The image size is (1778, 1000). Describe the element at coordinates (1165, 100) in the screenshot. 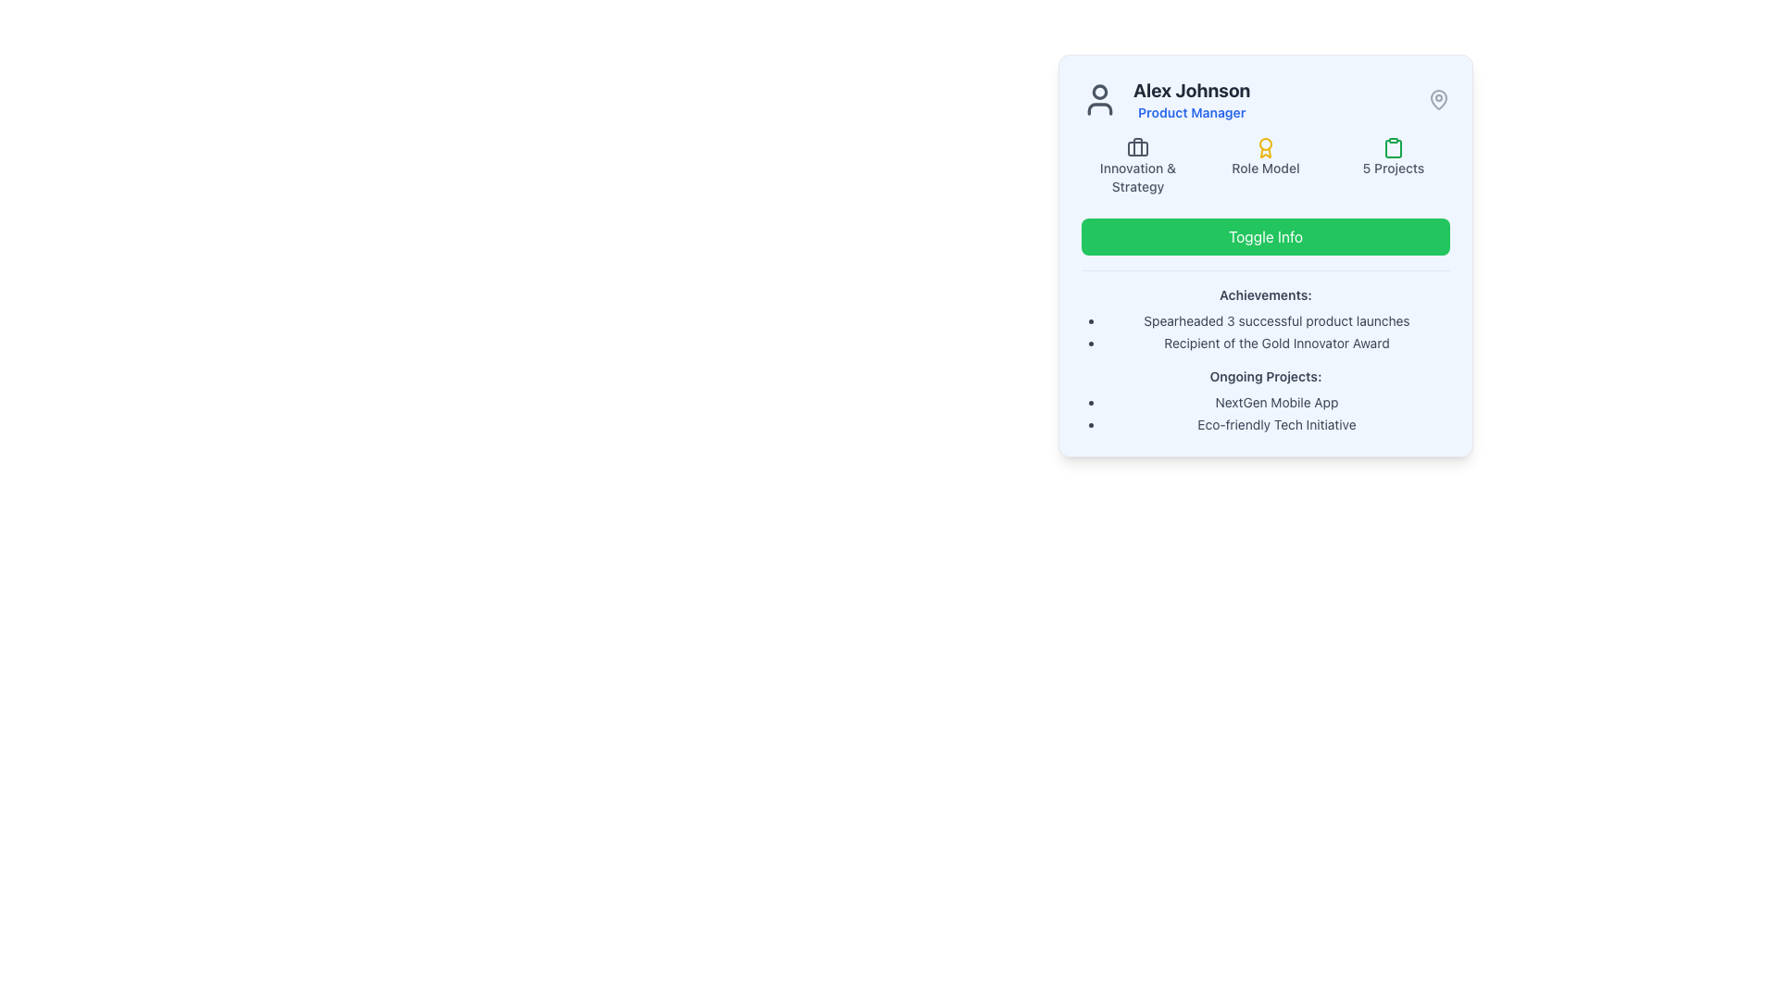

I see `the text block displaying 'Alex Johnson' and 'Product Manager', which is located in the upper-left corner of the user information card, next to the user icon` at that location.